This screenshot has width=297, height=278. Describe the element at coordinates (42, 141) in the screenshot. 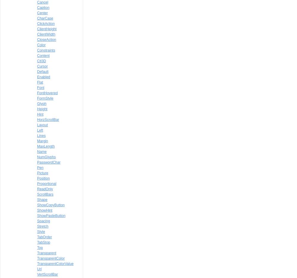

I see `'Margin'` at that location.